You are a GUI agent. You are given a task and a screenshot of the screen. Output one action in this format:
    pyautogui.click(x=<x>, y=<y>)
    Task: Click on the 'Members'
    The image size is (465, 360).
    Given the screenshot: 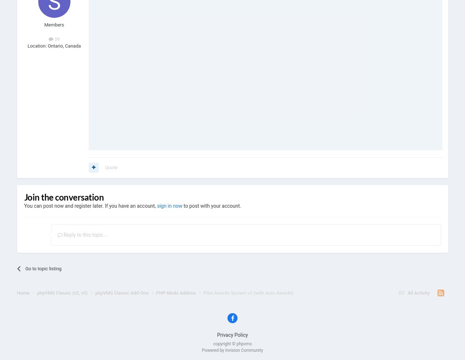 What is the action you would take?
    pyautogui.click(x=44, y=25)
    